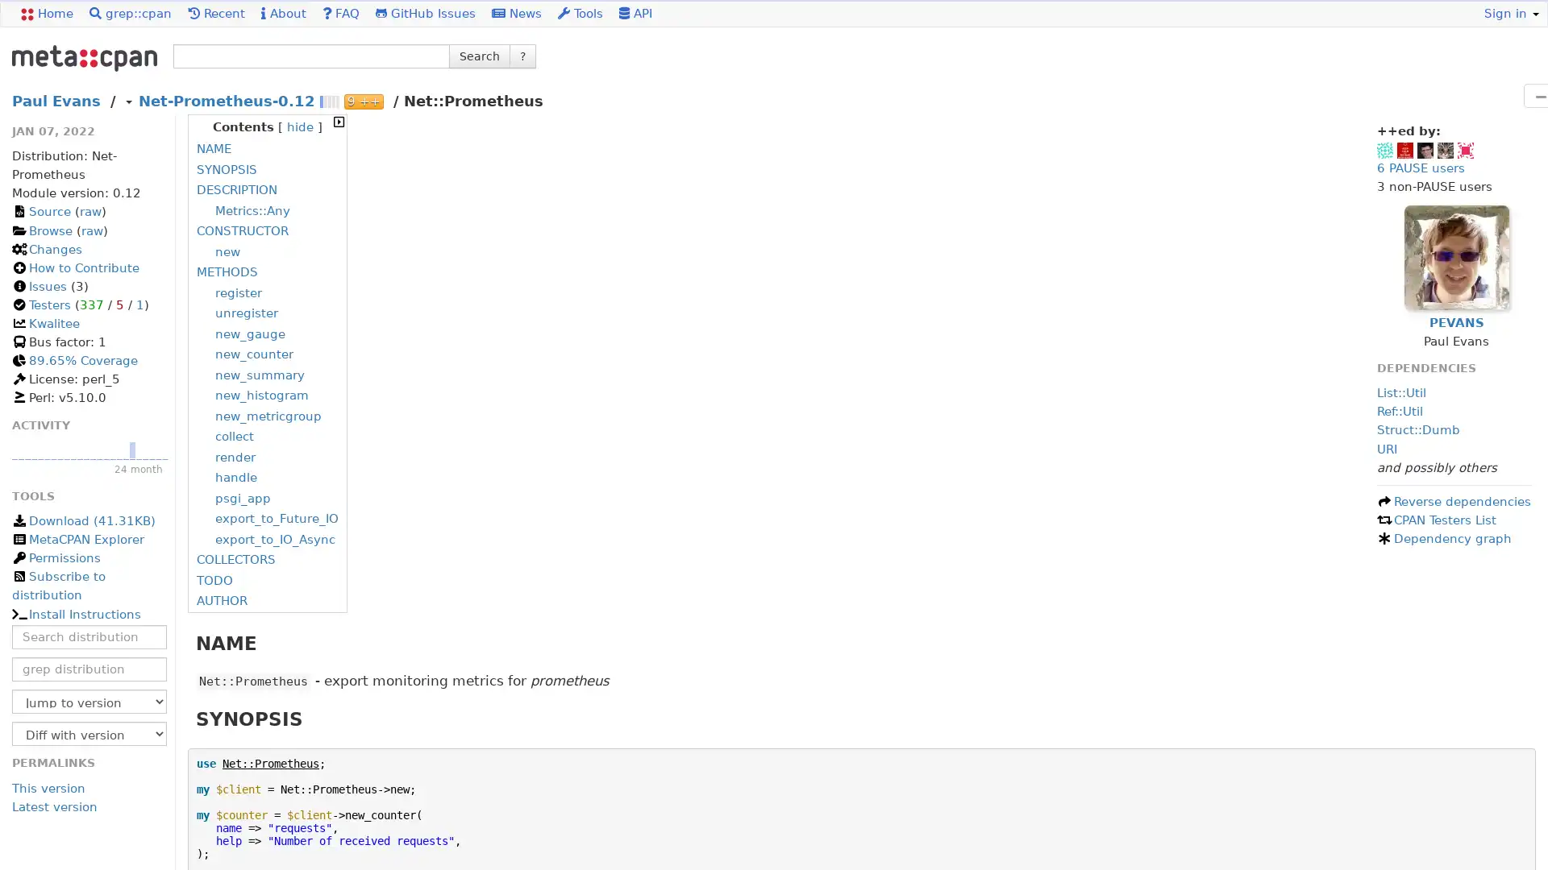 This screenshot has width=1548, height=870. Describe the element at coordinates (479, 55) in the screenshot. I see `Search` at that location.